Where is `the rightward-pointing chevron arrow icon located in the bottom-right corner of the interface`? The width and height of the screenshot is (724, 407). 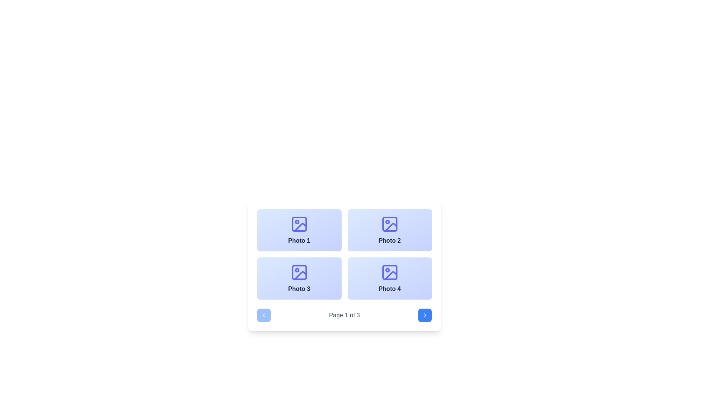
the rightward-pointing chevron arrow icon located in the bottom-right corner of the interface is located at coordinates (425, 315).